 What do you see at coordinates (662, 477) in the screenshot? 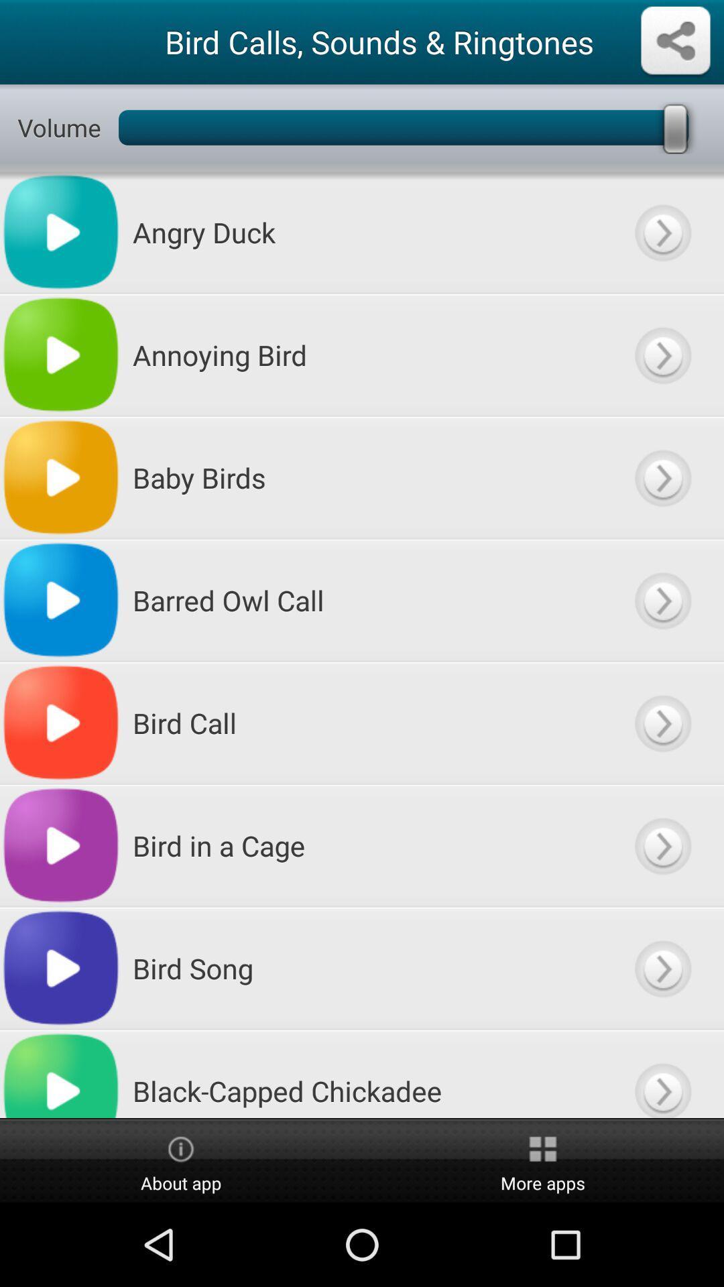
I see `menu option` at bounding box center [662, 477].